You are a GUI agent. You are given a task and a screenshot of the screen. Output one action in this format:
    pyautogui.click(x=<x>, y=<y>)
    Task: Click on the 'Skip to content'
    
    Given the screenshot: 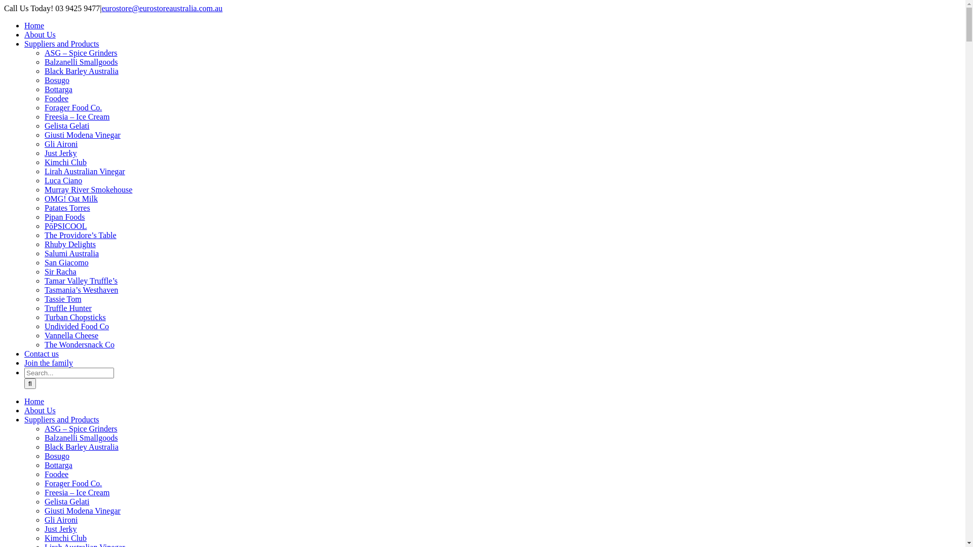 What is the action you would take?
    pyautogui.click(x=4, y=4)
    